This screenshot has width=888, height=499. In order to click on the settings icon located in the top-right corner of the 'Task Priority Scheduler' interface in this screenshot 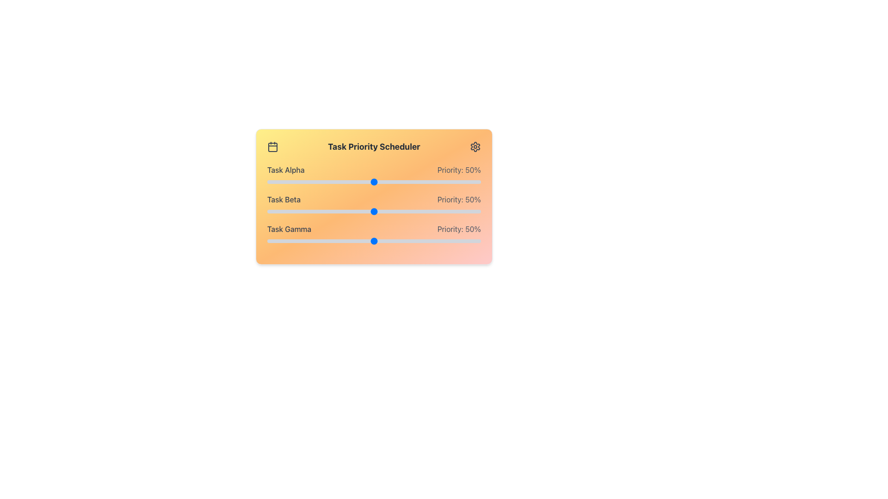, I will do `click(475, 146)`.